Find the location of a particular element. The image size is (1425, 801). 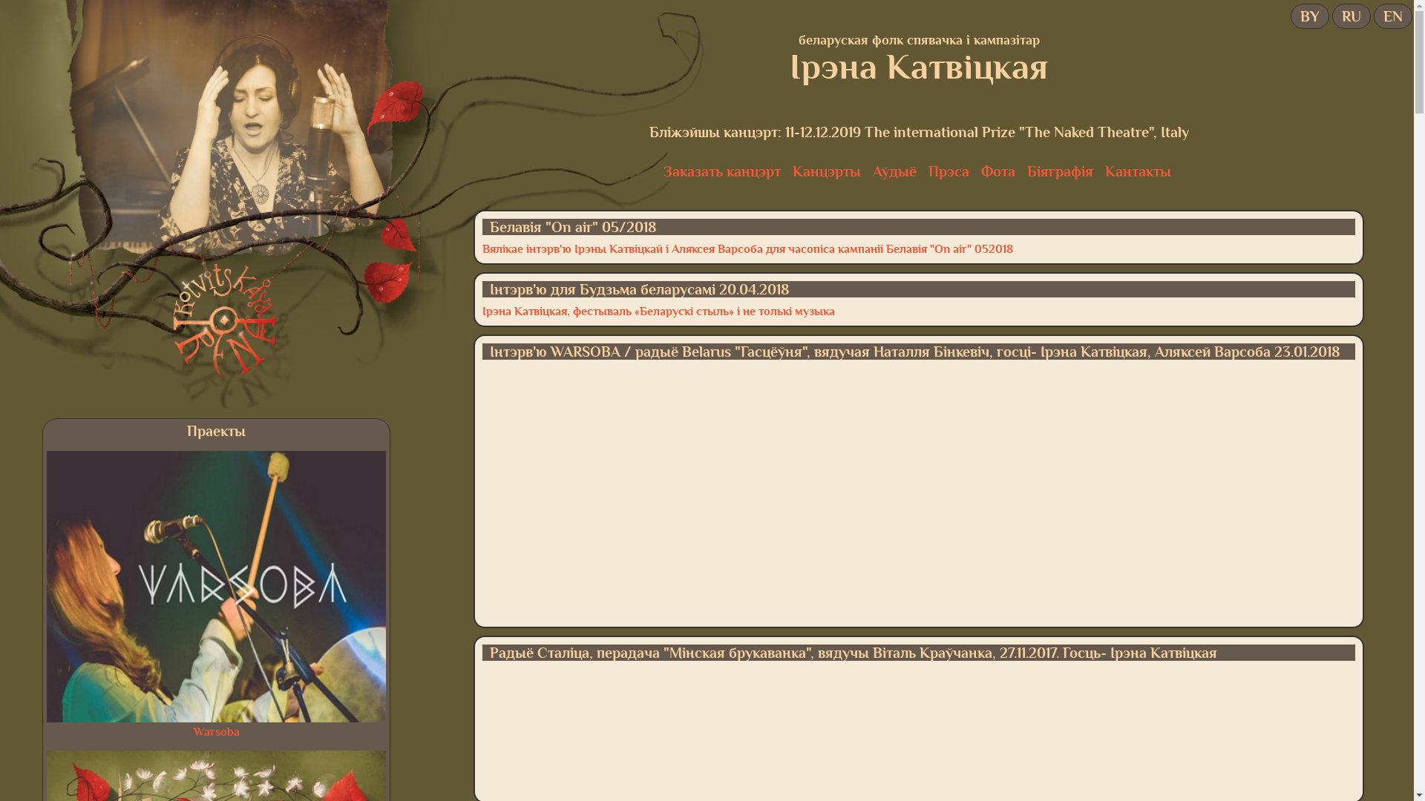

'RU' is located at coordinates (1351, 16).